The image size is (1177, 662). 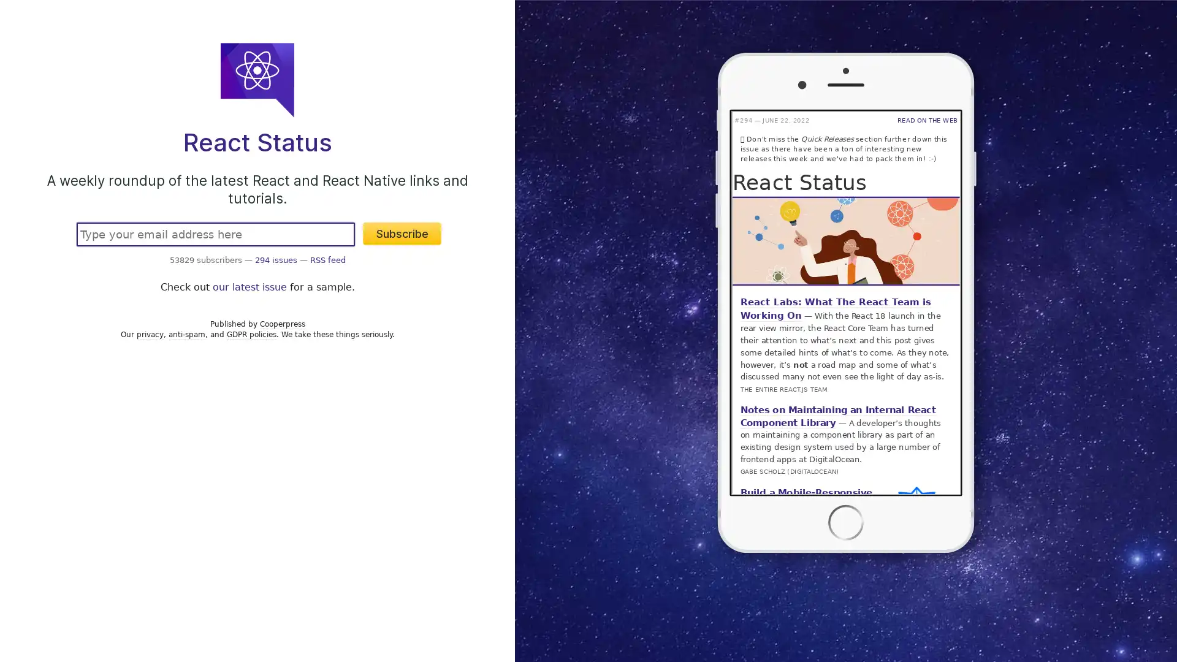 I want to click on Subscribe, so click(x=402, y=234).